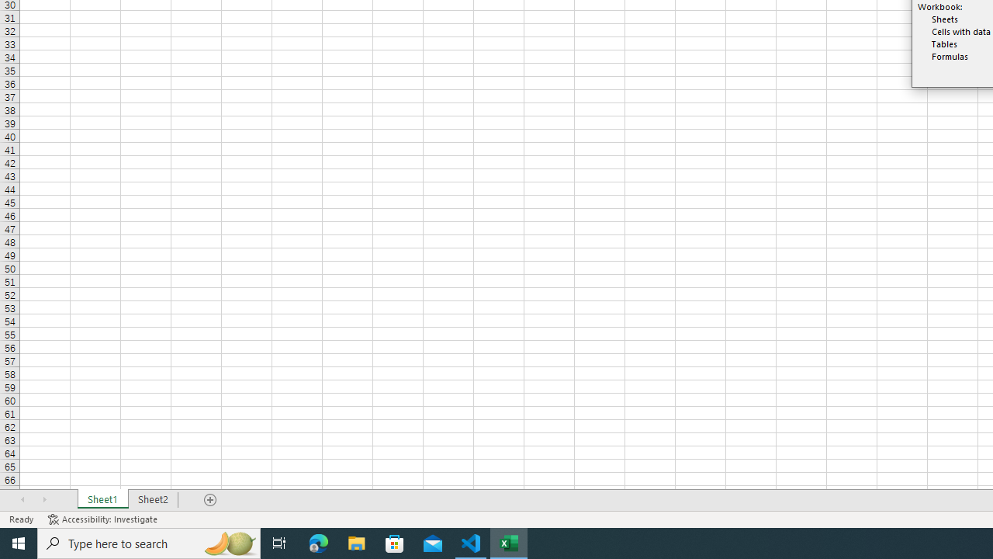  What do you see at coordinates (210, 500) in the screenshot?
I see `'Add Sheet'` at bounding box center [210, 500].